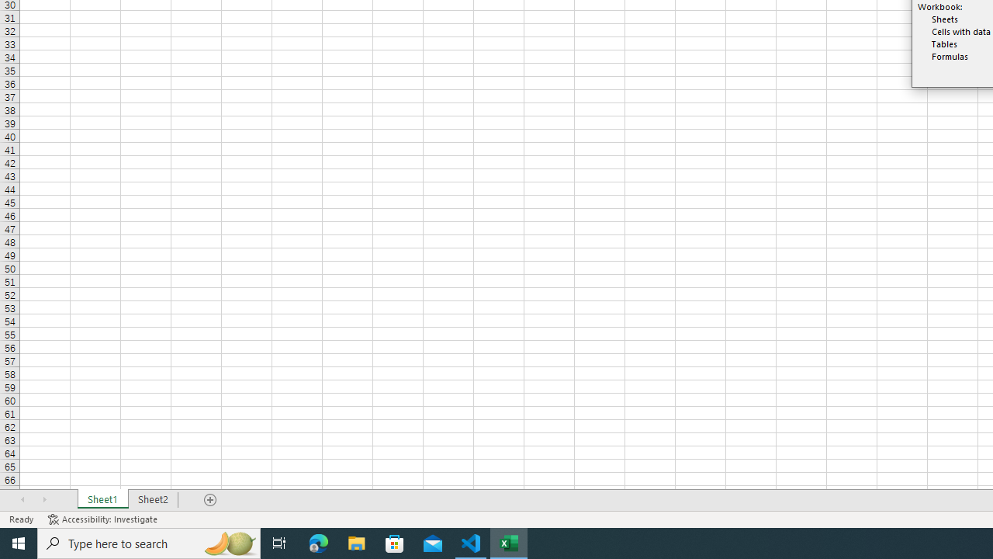  What do you see at coordinates (210, 500) in the screenshot?
I see `'Add Sheet'` at bounding box center [210, 500].